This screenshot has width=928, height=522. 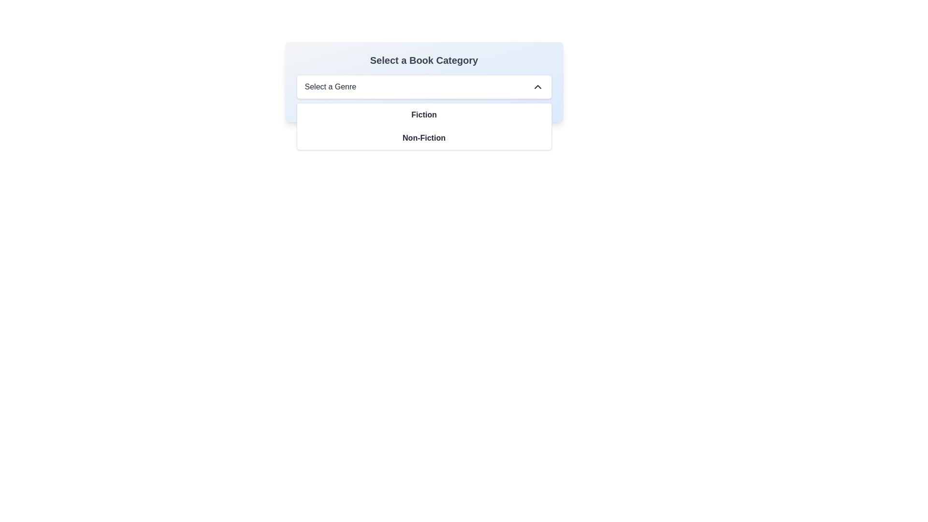 What do you see at coordinates (424, 138) in the screenshot?
I see `to select the 'Non-Fiction' category from the dropdown menu under 'Select a Book Category'` at bounding box center [424, 138].